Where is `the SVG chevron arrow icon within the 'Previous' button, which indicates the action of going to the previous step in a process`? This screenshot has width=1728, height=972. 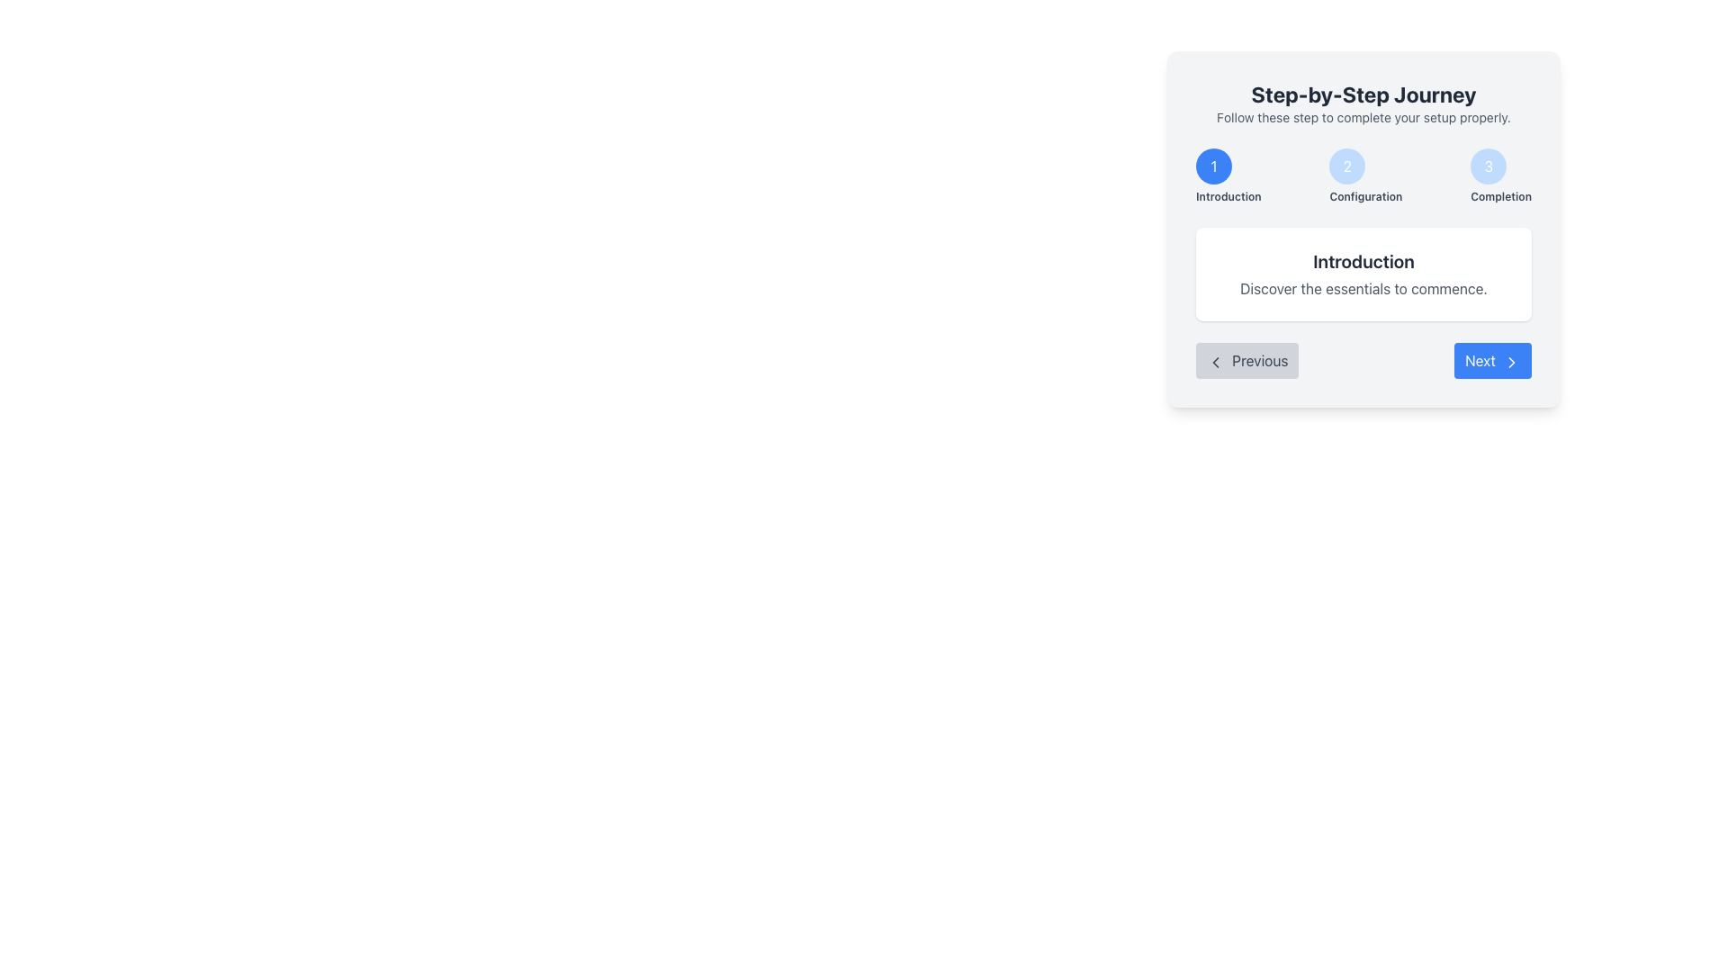 the SVG chevron arrow icon within the 'Previous' button, which indicates the action of going to the previous step in a process is located at coordinates (1215, 361).